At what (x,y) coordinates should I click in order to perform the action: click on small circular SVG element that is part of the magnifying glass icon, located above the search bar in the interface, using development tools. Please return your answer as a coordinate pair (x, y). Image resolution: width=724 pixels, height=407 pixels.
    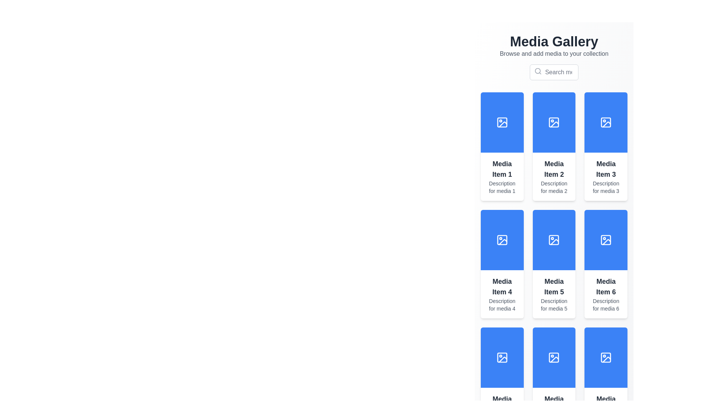
    Looking at the image, I should click on (537, 71).